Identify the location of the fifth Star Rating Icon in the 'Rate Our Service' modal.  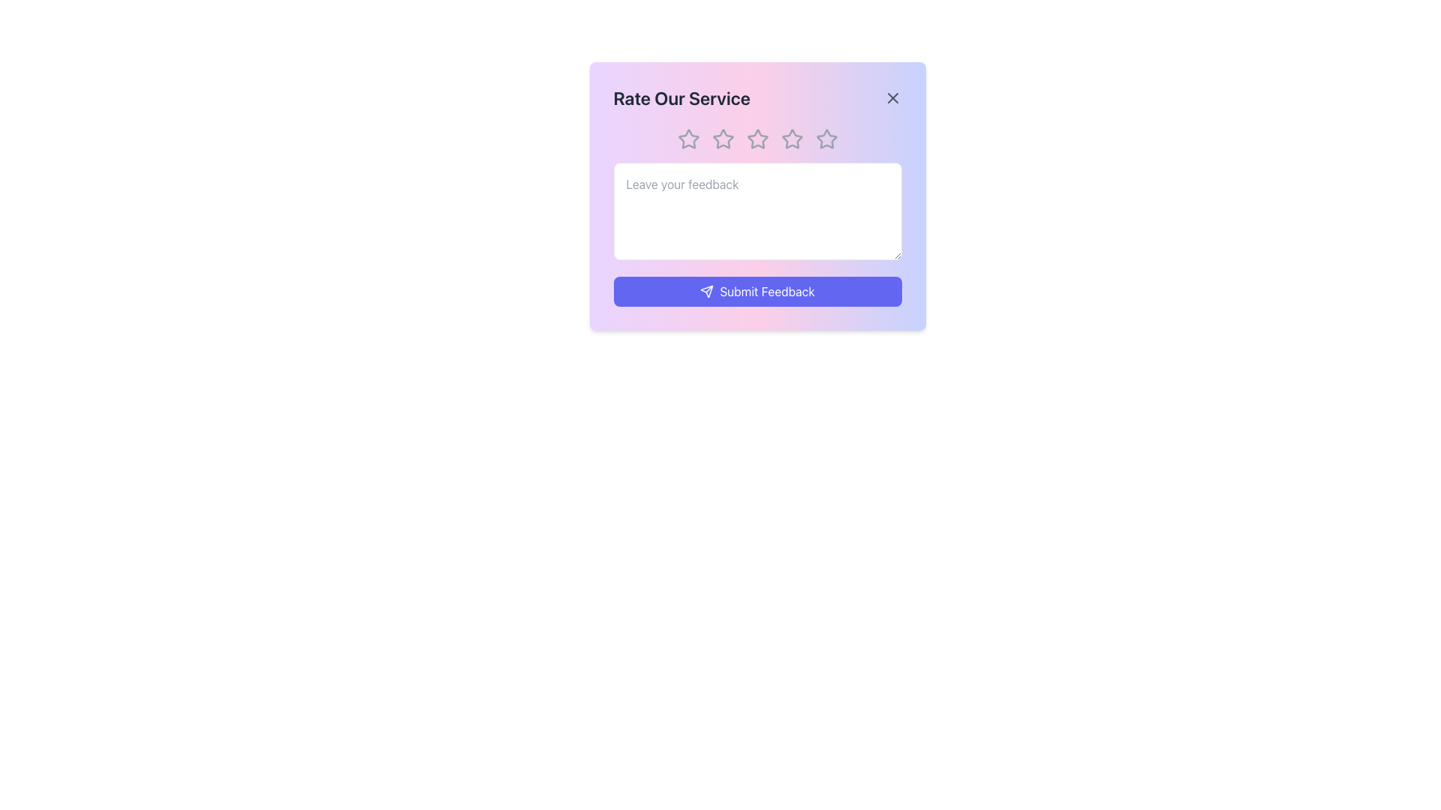
(826, 139).